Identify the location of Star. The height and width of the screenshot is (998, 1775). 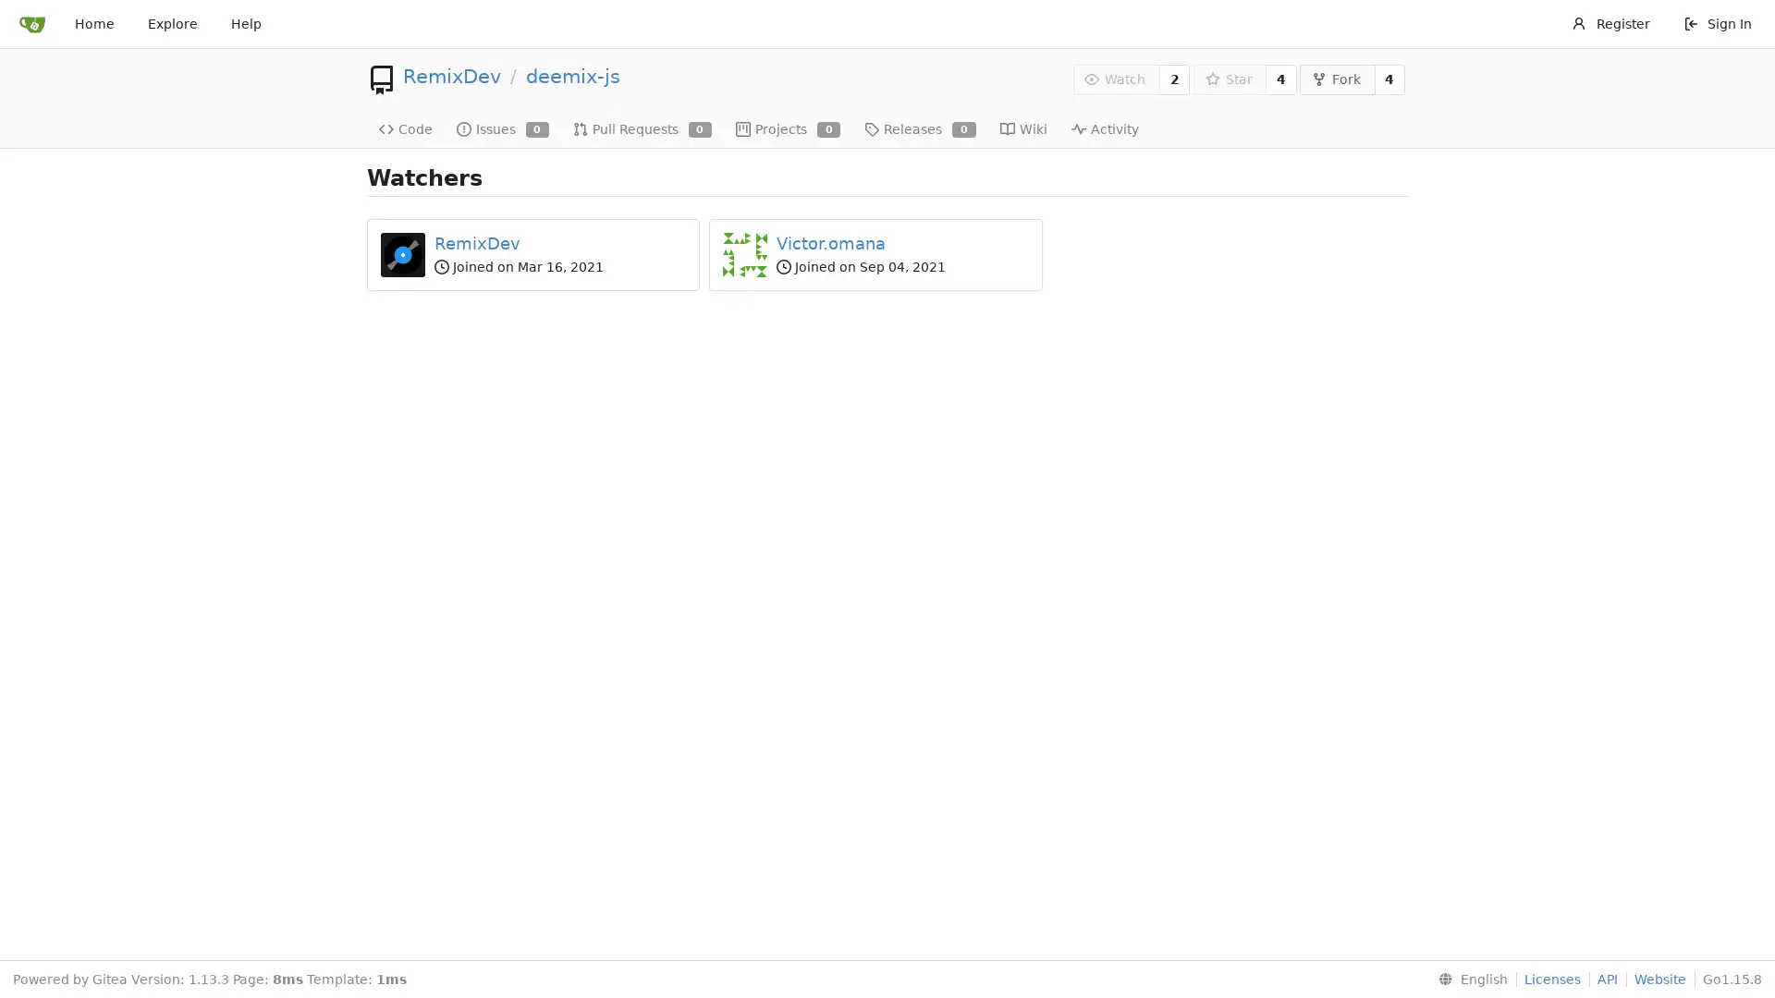
(1229, 78).